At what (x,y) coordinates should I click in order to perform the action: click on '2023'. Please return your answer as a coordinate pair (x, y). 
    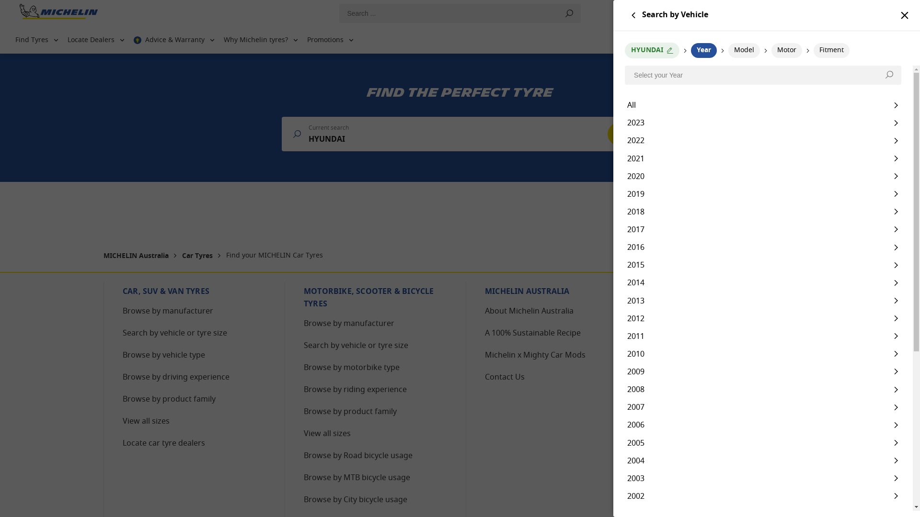
    Looking at the image, I should click on (762, 122).